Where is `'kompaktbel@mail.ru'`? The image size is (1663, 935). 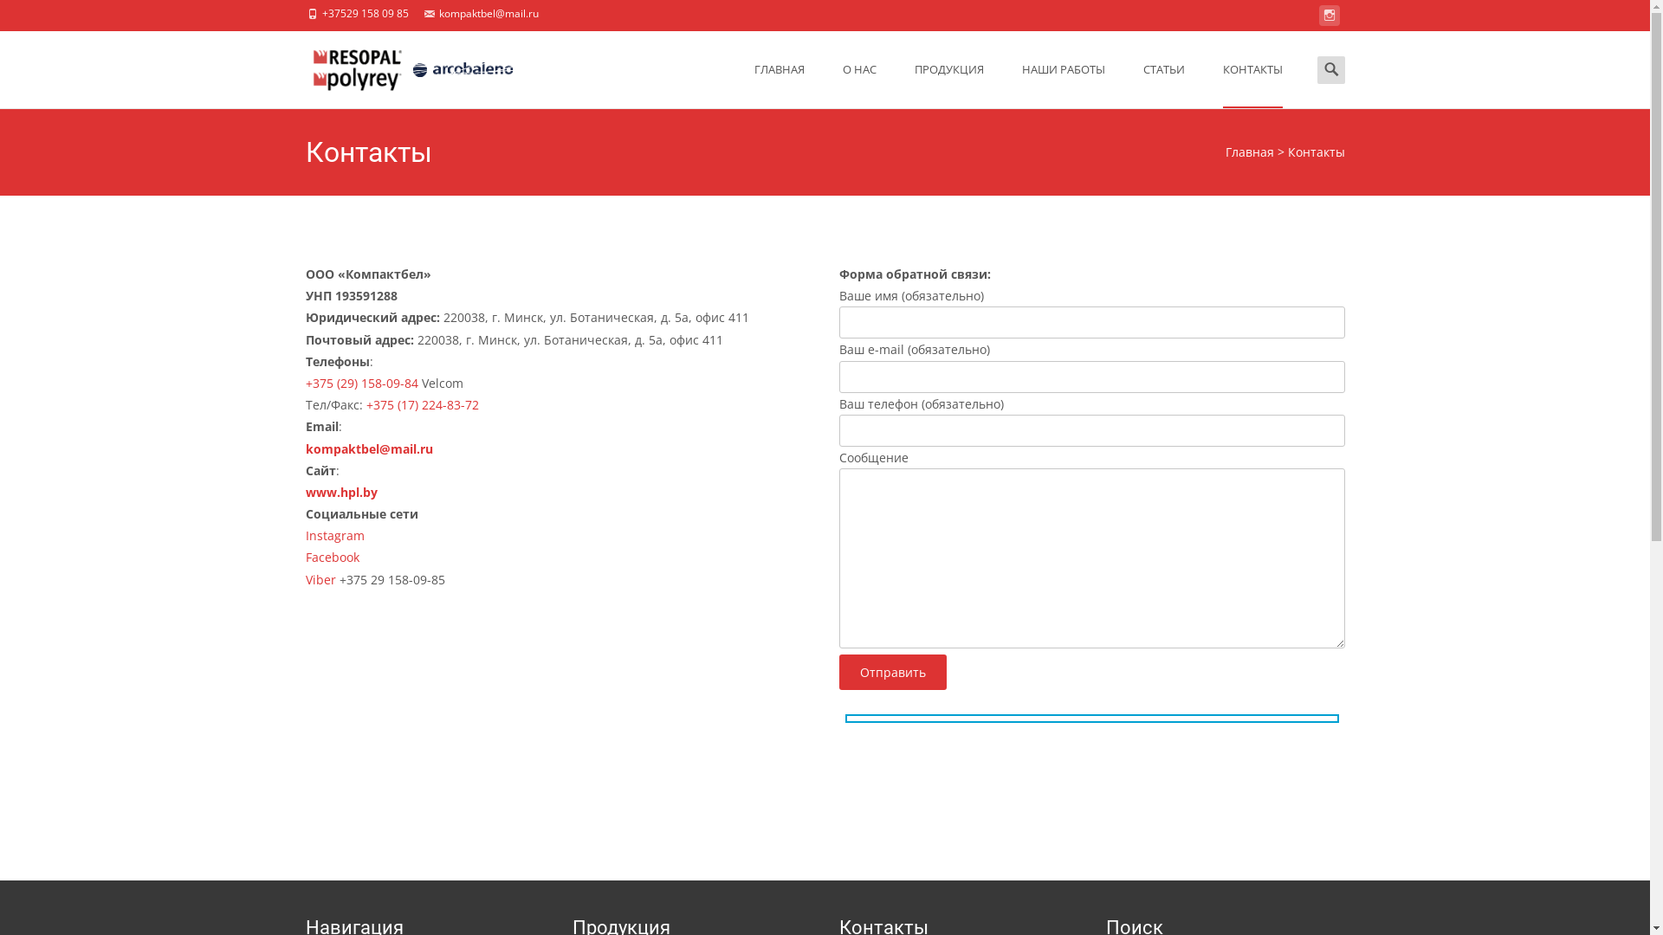
'kompaktbel@mail.ru' is located at coordinates (367, 447).